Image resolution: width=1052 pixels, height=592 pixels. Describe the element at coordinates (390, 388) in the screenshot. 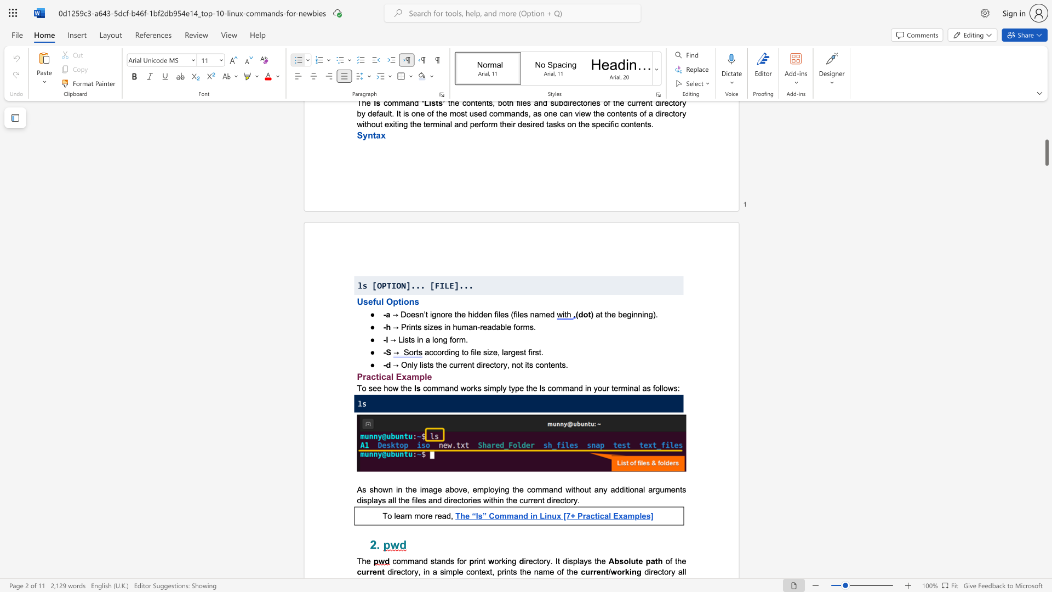

I see `the 2th character "o" in the text` at that location.